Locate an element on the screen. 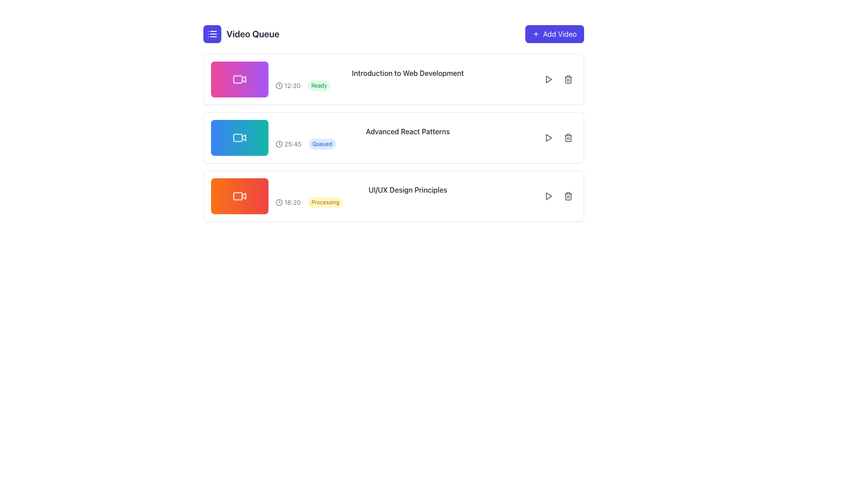 The image size is (862, 485). the circular outline of the SVG clock icon that represents the clock boundary, located next to the video duration text in the 'Advanced React Patterns' video section is located at coordinates (278, 143).